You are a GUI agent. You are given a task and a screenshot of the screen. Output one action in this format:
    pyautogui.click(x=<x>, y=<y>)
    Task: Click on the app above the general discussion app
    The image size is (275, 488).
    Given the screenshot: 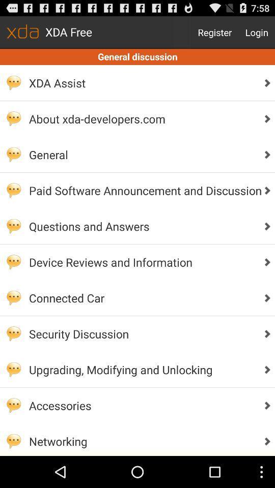 What is the action you would take?
    pyautogui.click(x=214, y=32)
    